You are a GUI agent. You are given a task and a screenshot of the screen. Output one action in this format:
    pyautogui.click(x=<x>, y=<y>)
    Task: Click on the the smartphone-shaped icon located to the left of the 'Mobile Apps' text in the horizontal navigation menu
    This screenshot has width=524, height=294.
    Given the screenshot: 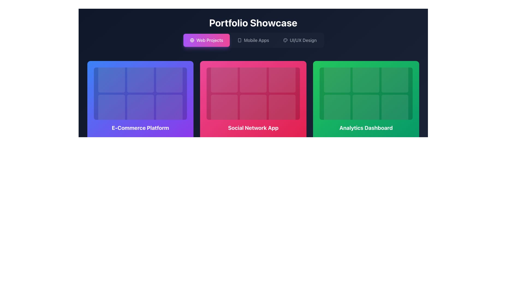 What is the action you would take?
    pyautogui.click(x=239, y=40)
    